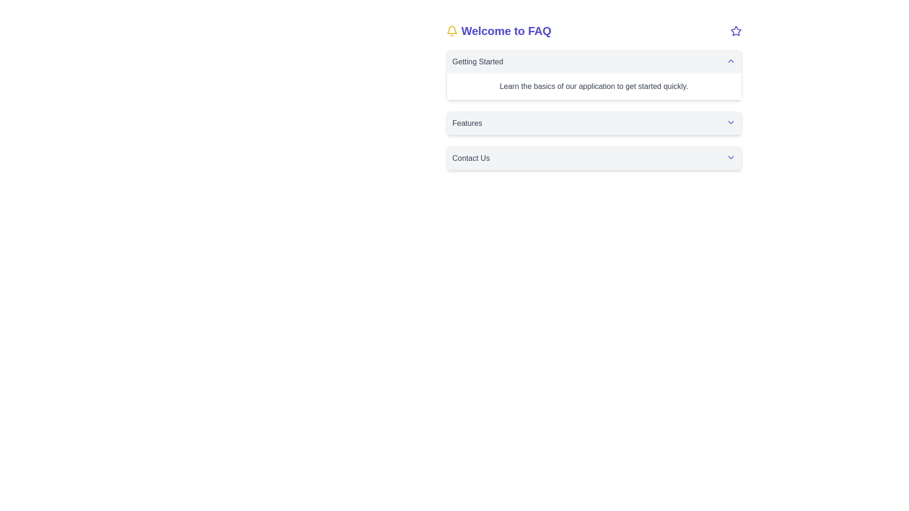 The height and width of the screenshot is (511, 909). Describe the element at coordinates (498, 30) in the screenshot. I see `the 'Welcome to FAQ' text heading with the yellow notification bell icon, which is located in the top-left section of the interface` at that location.